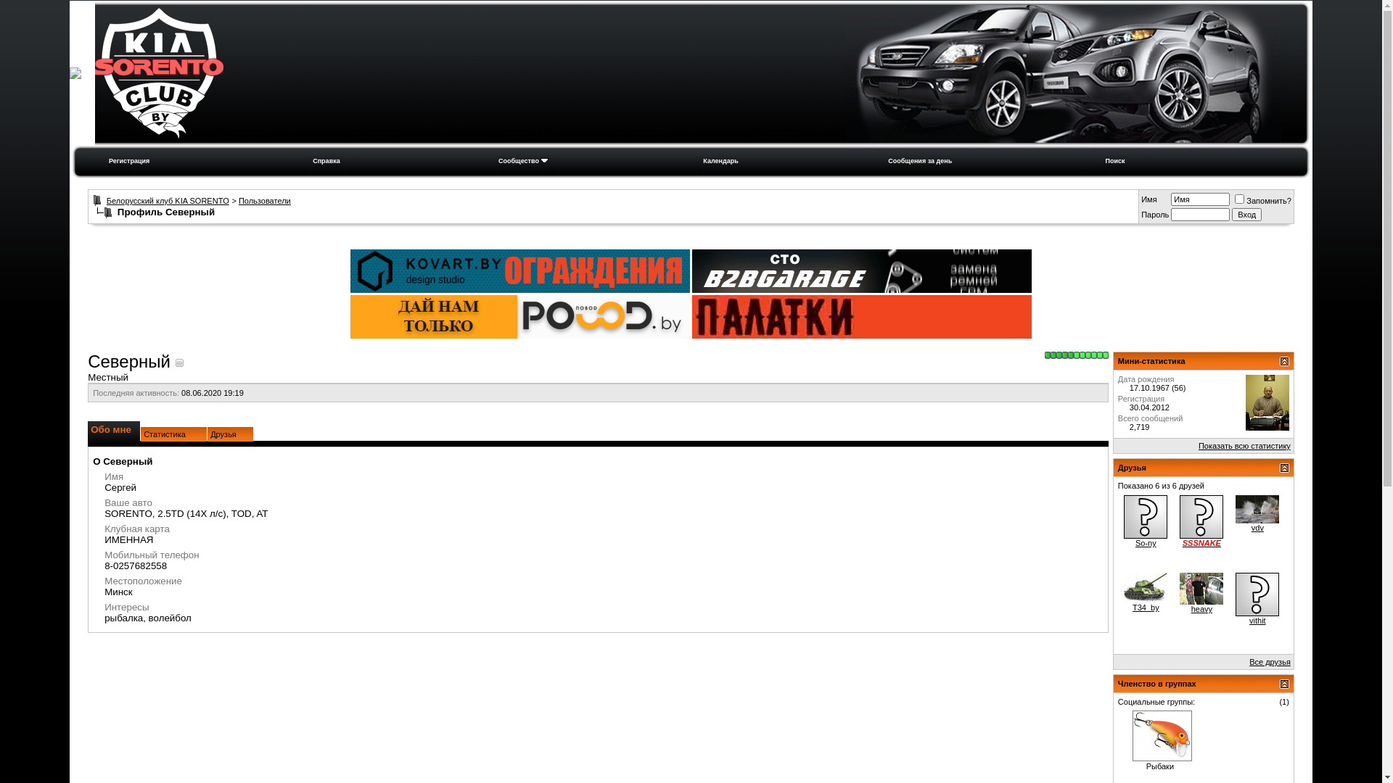  Describe the element at coordinates (1256, 594) in the screenshot. I see `'vithit'` at that location.